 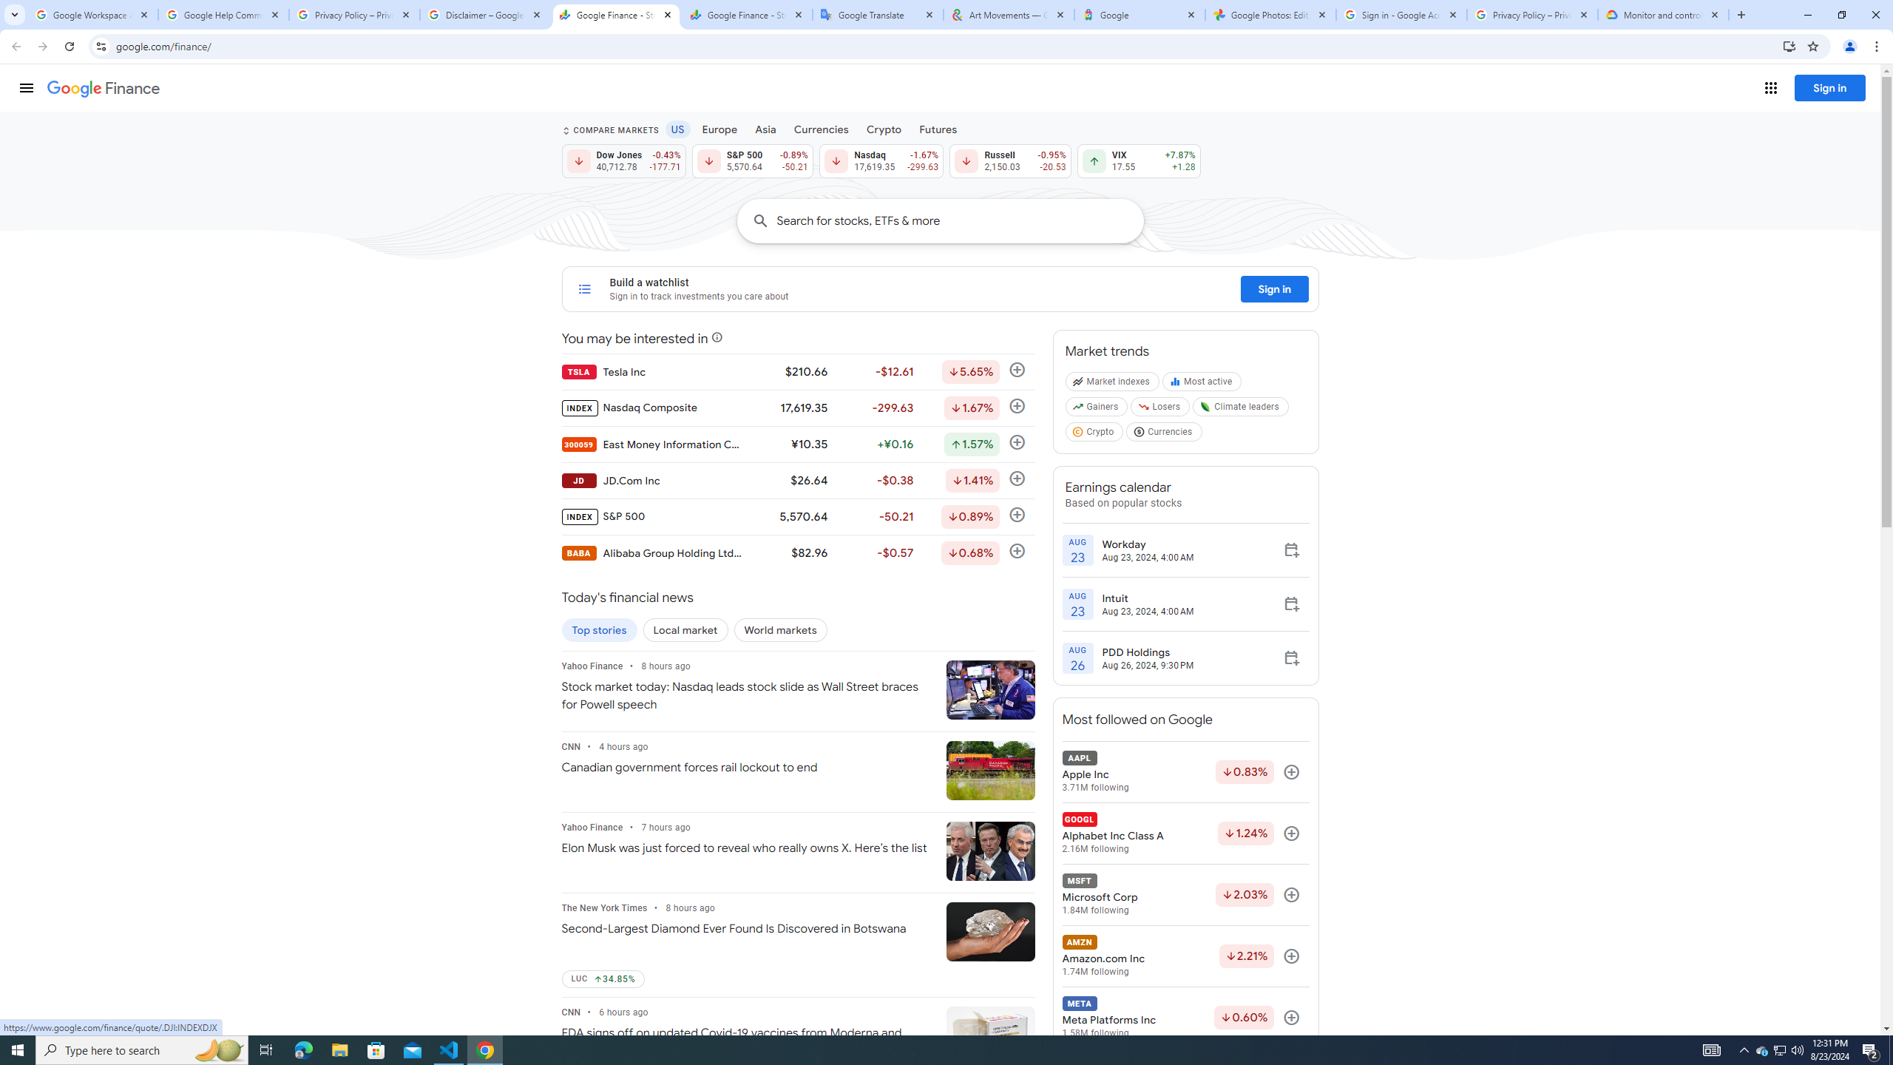 What do you see at coordinates (798, 515) in the screenshot?
I see `'INDEX S&P 500 5,570.64 -50.21 Down by 0.89% Follow'` at bounding box center [798, 515].